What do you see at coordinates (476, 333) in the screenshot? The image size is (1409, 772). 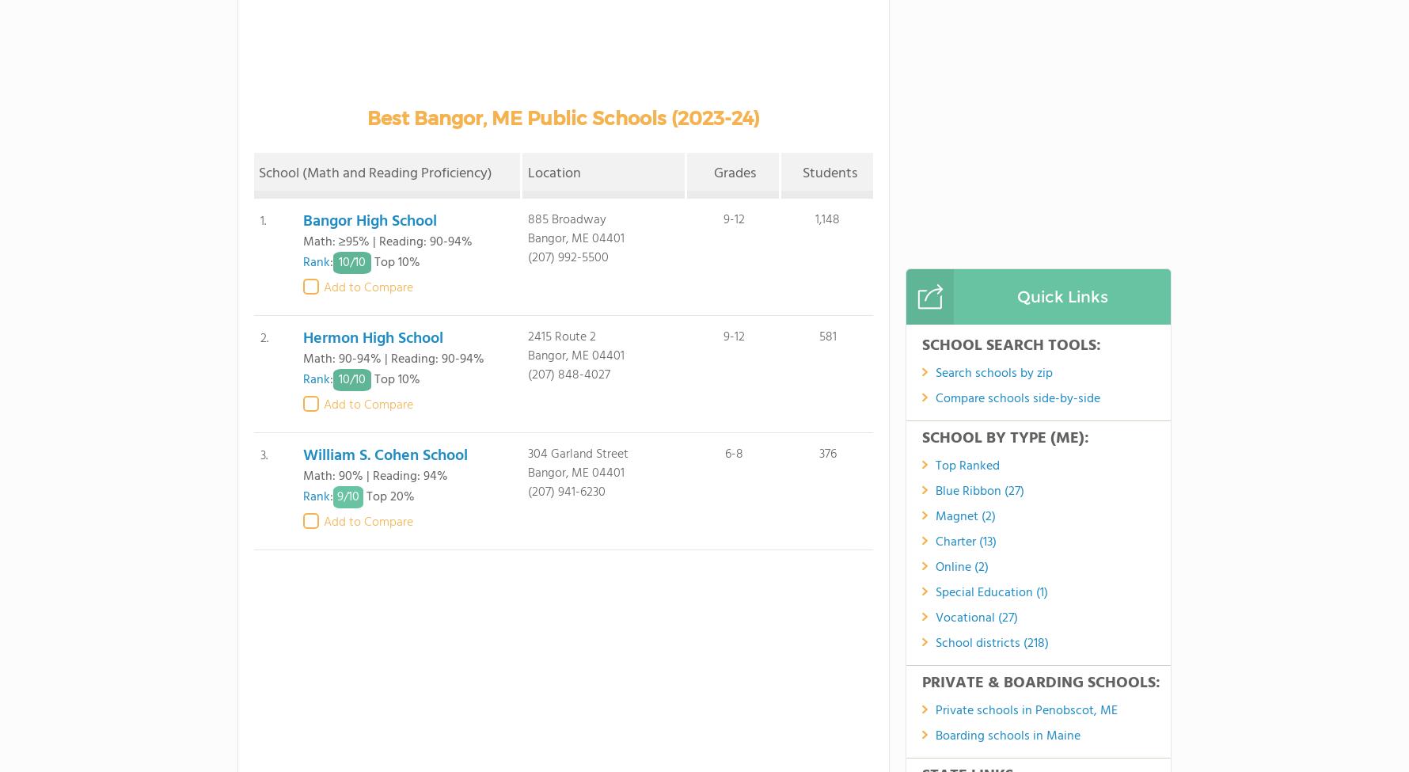 I see `'Explore the world of scholarships designed specifically for K-12 students in this comprehensive guide. Discover opportunities to ease the financial burden of private education and pave the way for academic success.'` at bounding box center [476, 333].